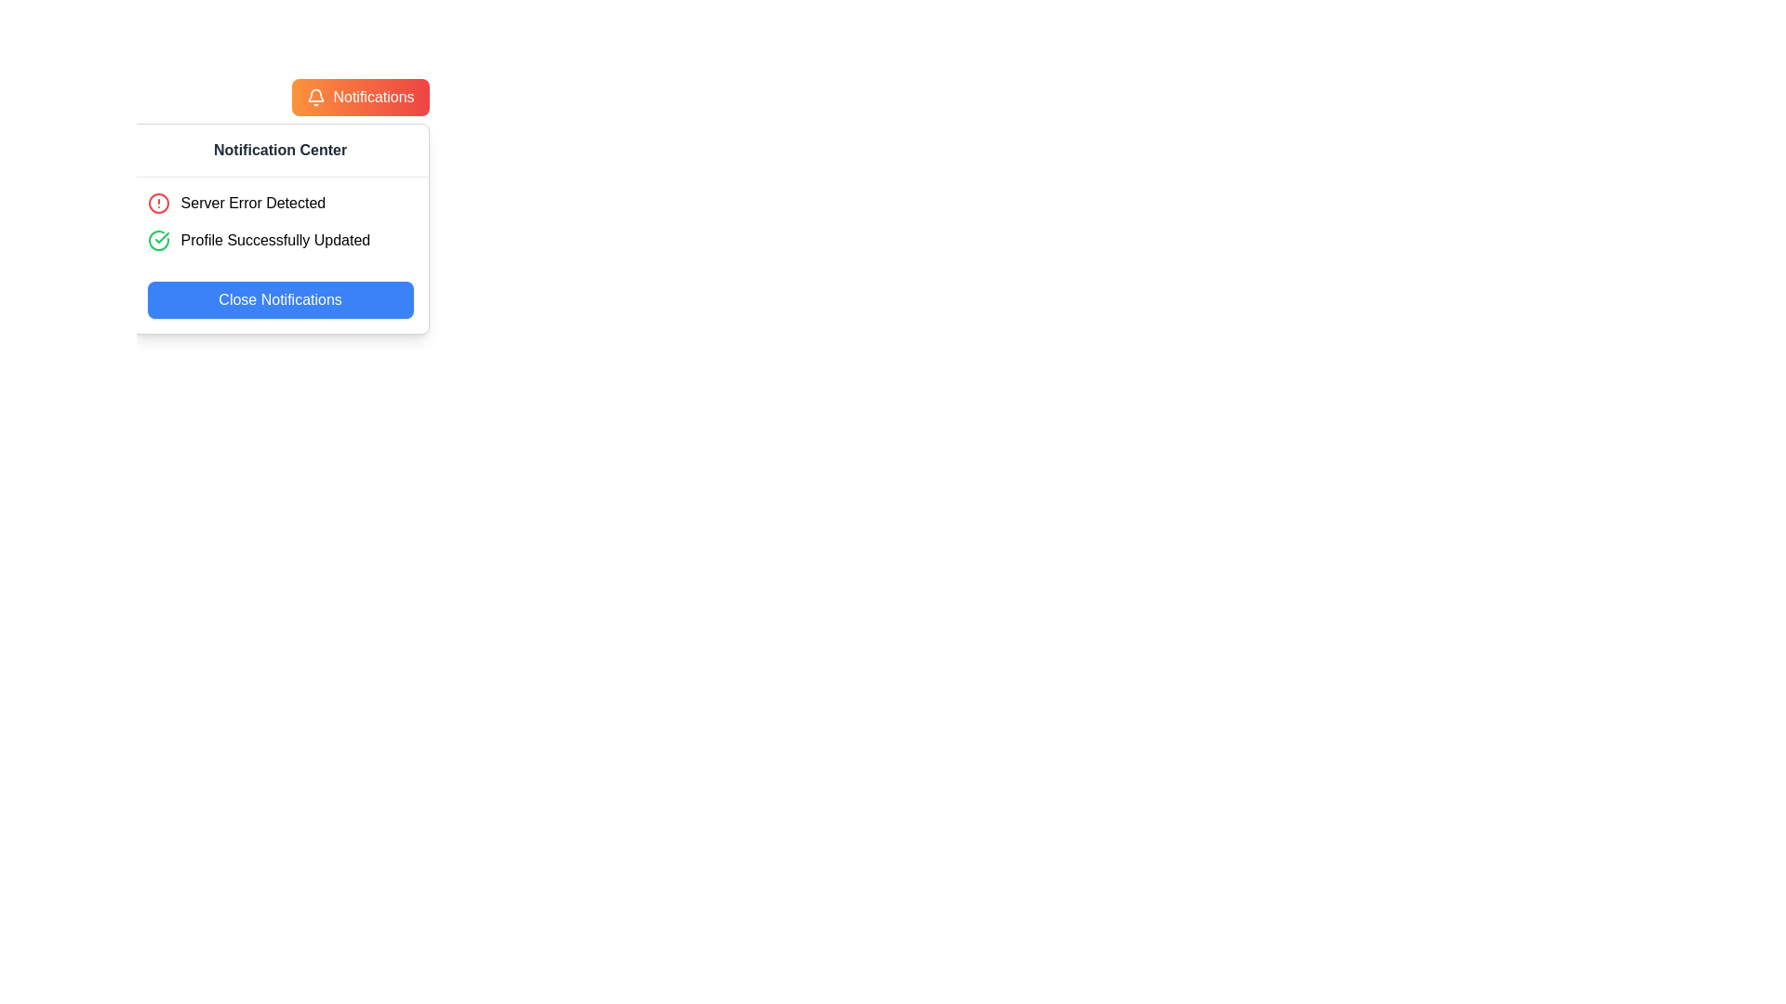 The image size is (1786, 1004). Describe the element at coordinates (279, 299) in the screenshot. I see `the rectangular button with a blue background and white text that reads 'Close Notifications'` at that location.